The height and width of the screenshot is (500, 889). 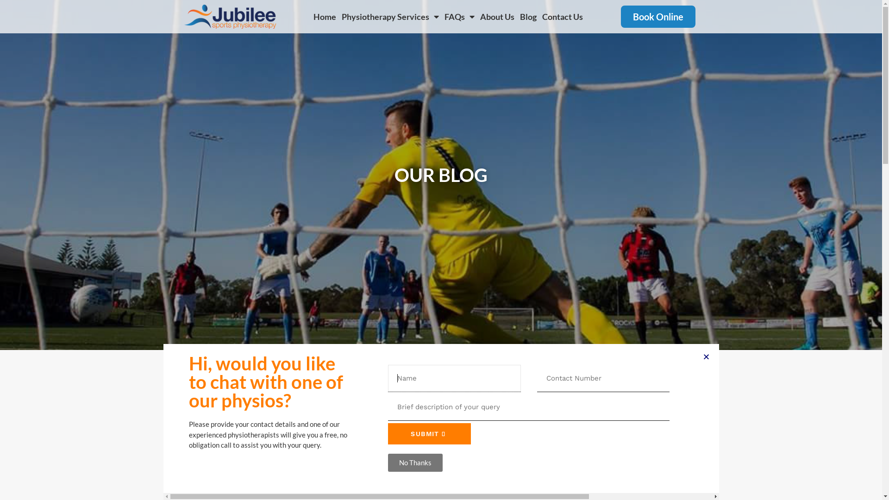 I want to click on 'Physiotherapy Services', so click(x=390, y=16).